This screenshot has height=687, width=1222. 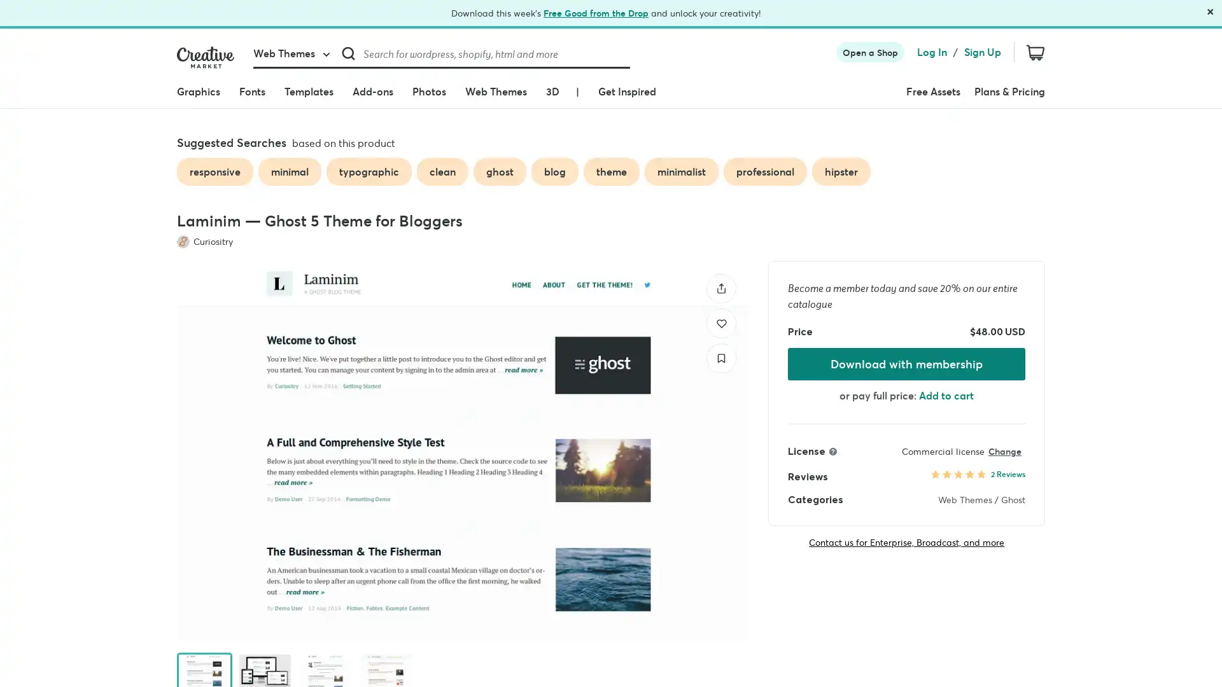 I want to click on Download with membership, so click(x=906, y=363).